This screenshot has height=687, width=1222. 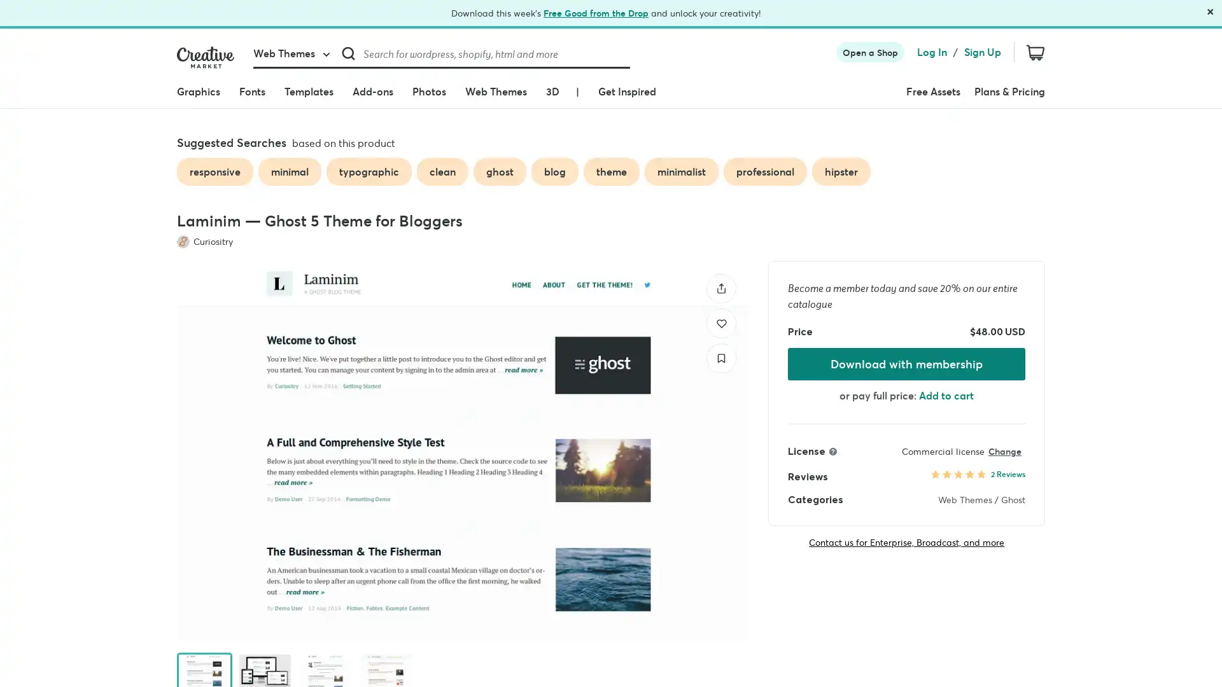 I want to click on Download with membership, so click(x=906, y=363).